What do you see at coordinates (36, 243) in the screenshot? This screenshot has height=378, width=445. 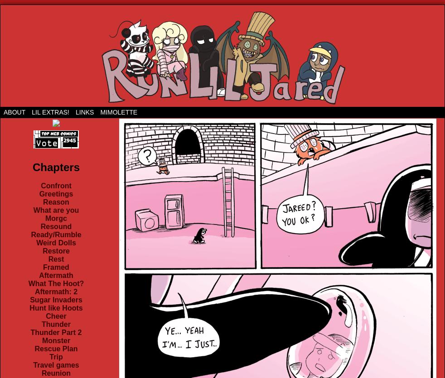 I see `'Weird Dolls'` at bounding box center [36, 243].